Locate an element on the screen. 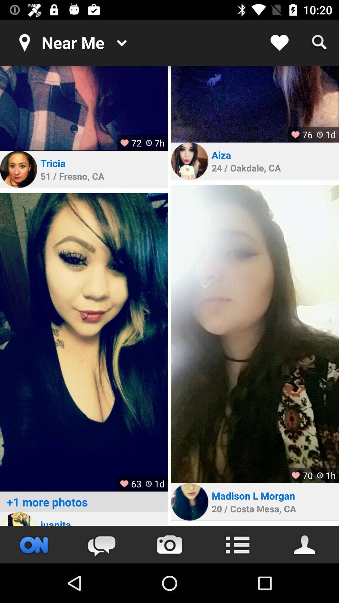  picture option is located at coordinates (169, 544).